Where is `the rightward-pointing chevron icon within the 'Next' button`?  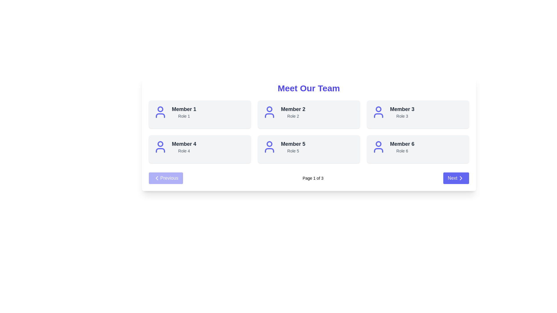 the rightward-pointing chevron icon within the 'Next' button is located at coordinates (460, 178).